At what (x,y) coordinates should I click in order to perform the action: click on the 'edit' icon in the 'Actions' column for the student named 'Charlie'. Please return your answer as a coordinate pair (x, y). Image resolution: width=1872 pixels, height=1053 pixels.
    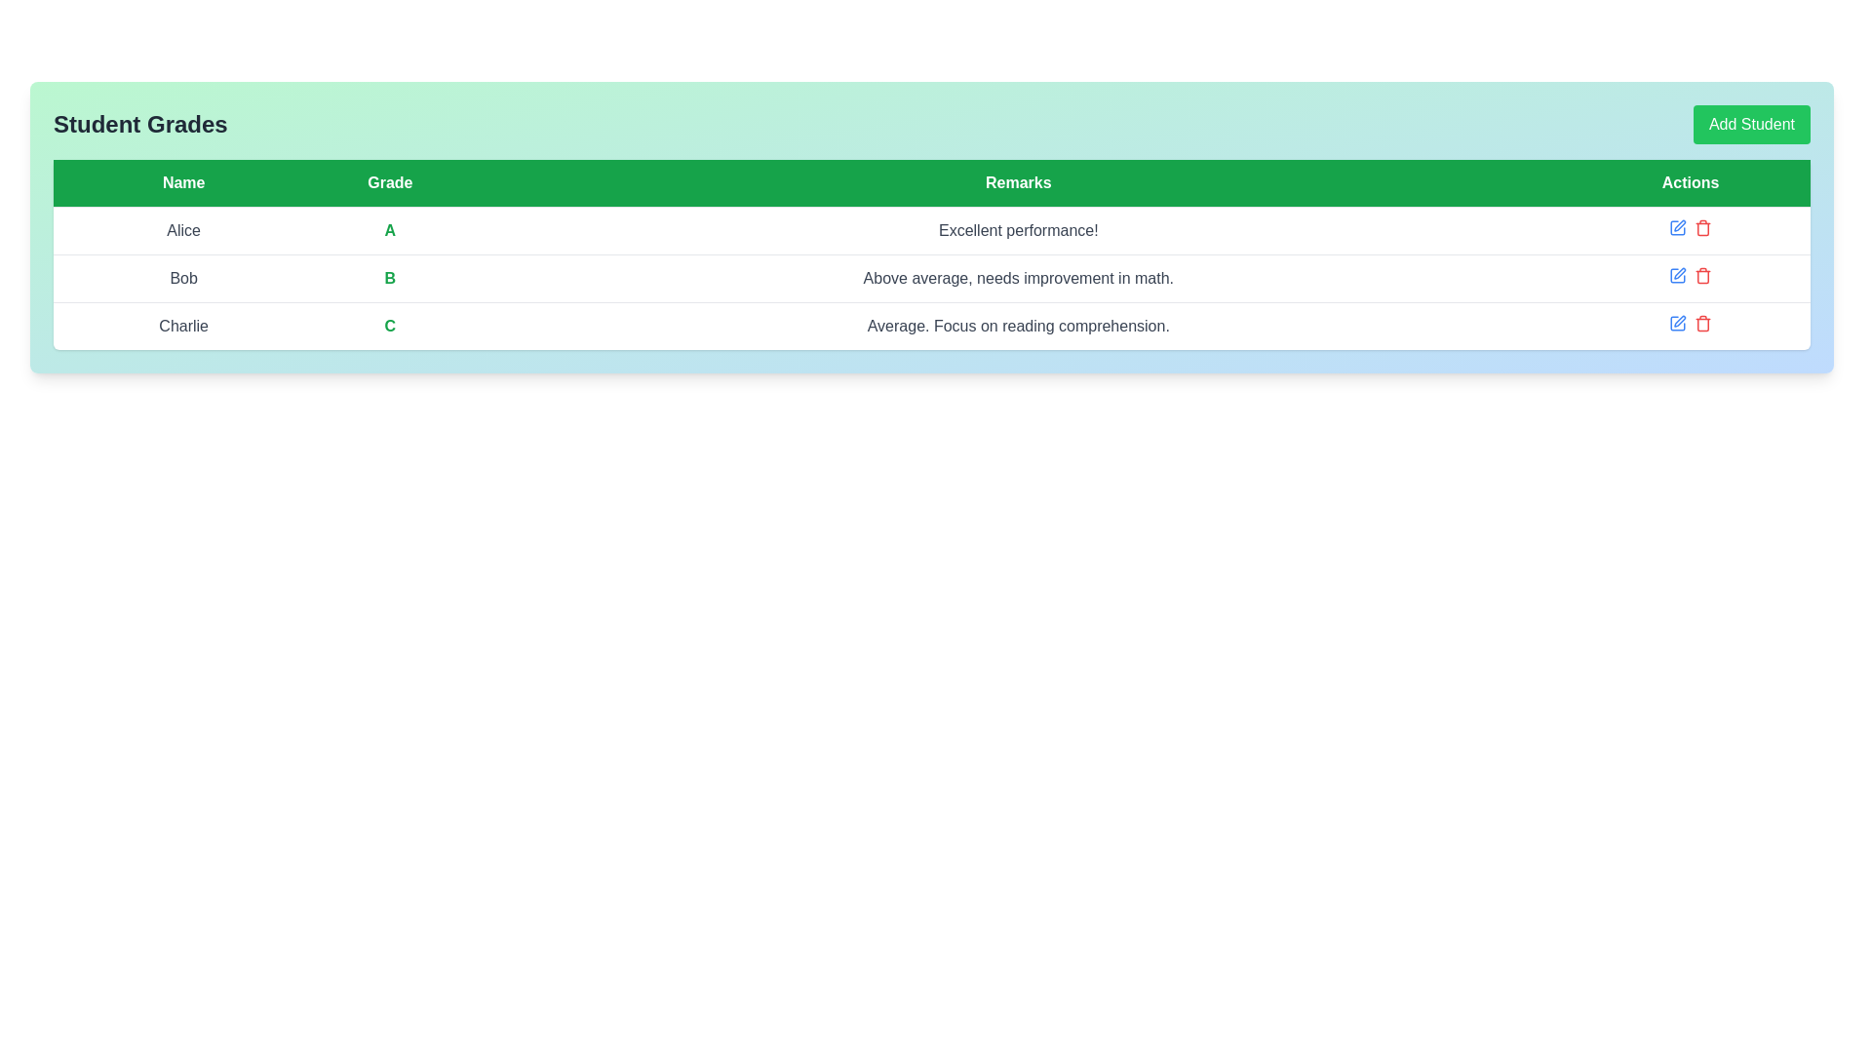
    Looking at the image, I should click on (1677, 322).